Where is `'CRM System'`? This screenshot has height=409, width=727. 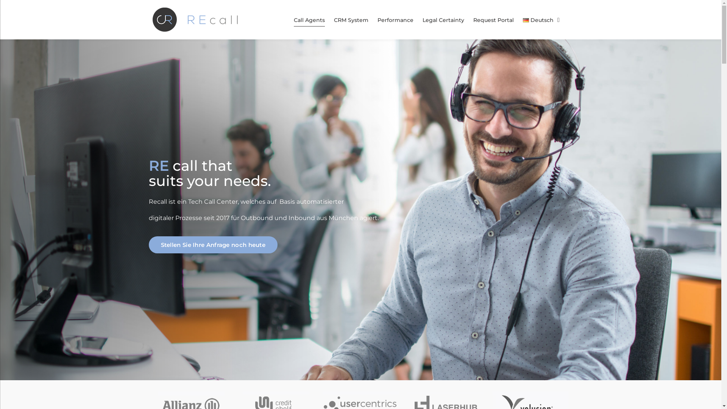 'CRM System' is located at coordinates (351, 20).